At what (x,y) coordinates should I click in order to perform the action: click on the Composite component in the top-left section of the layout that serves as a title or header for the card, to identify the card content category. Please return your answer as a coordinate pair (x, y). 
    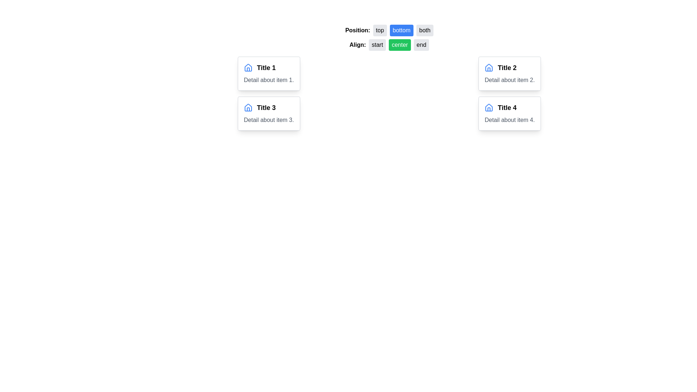
    Looking at the image, I should click on (268, 68).